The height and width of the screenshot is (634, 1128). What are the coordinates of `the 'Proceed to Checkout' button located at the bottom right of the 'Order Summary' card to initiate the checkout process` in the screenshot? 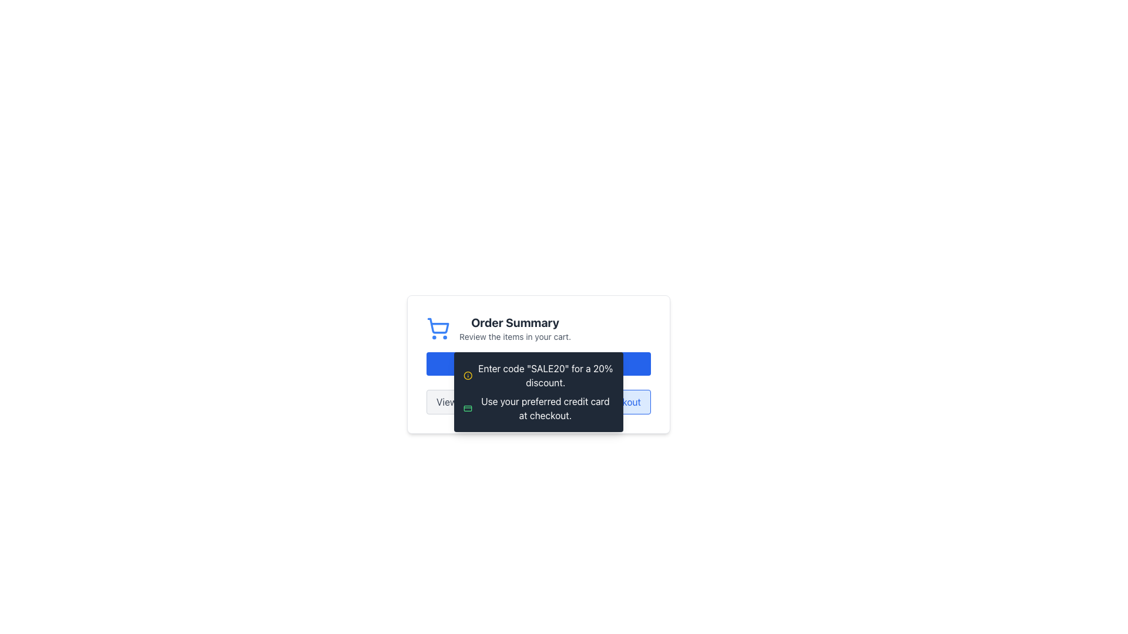 It's located at (620, 402).